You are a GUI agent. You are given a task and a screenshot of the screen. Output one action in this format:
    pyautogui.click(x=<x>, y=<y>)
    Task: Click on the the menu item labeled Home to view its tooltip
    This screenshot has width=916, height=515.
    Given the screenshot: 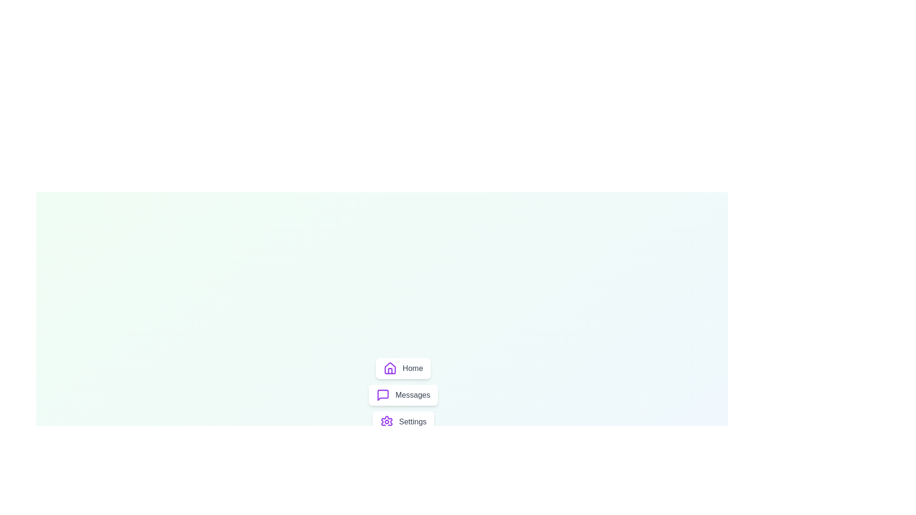 What is the action you would take?
    pyautogui.click(x=403, y=368)
    